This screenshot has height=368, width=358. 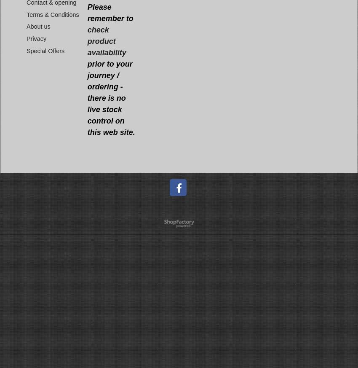 What do you see at coordinates (26, 26) in the screenshot?
I see `'About us'` at bounding box center [26, 26].